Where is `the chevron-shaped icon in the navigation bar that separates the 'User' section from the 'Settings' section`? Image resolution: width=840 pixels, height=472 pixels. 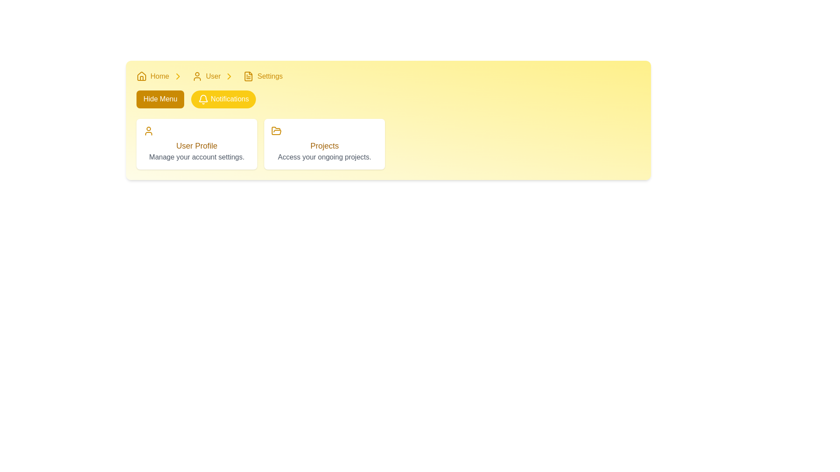
the chevron-shaped icon in the navigation bar that separates the 'User' section from the 'Settings' section is located at coordinates (177, 76).